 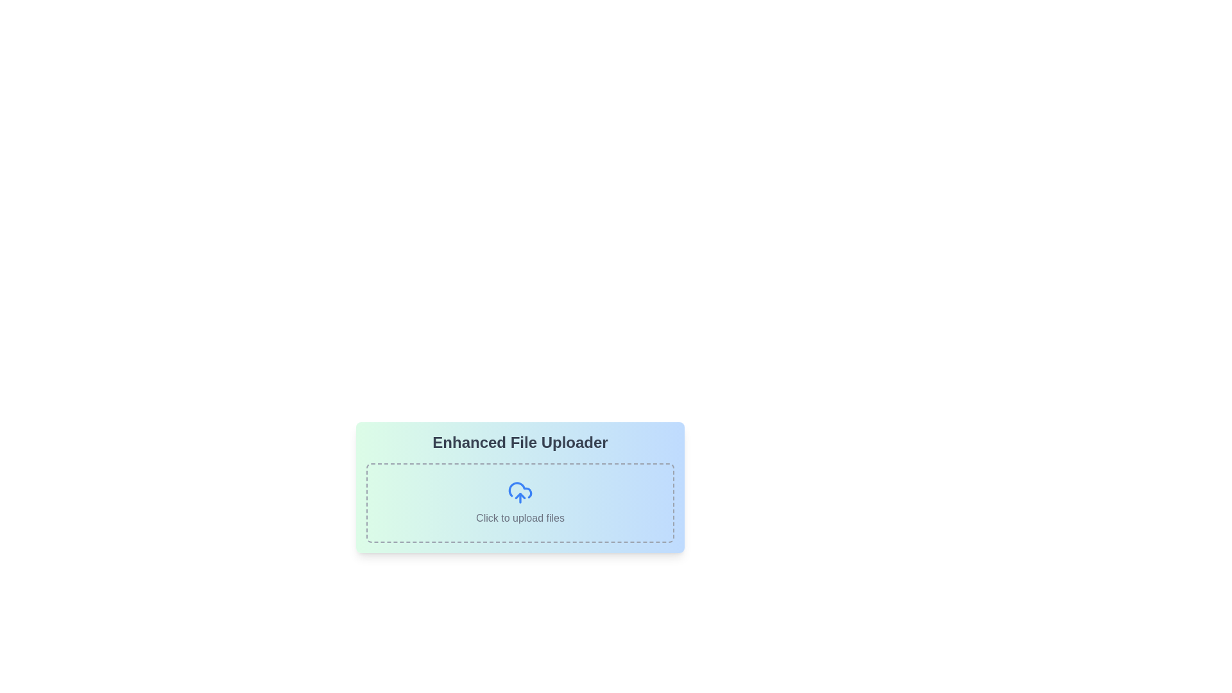 I want to click on the static text label that indicates users need to click to upload files, which is located below the upload cloud icon in the 'Enhanced File Uploader' box, so click(x=520, y=517).